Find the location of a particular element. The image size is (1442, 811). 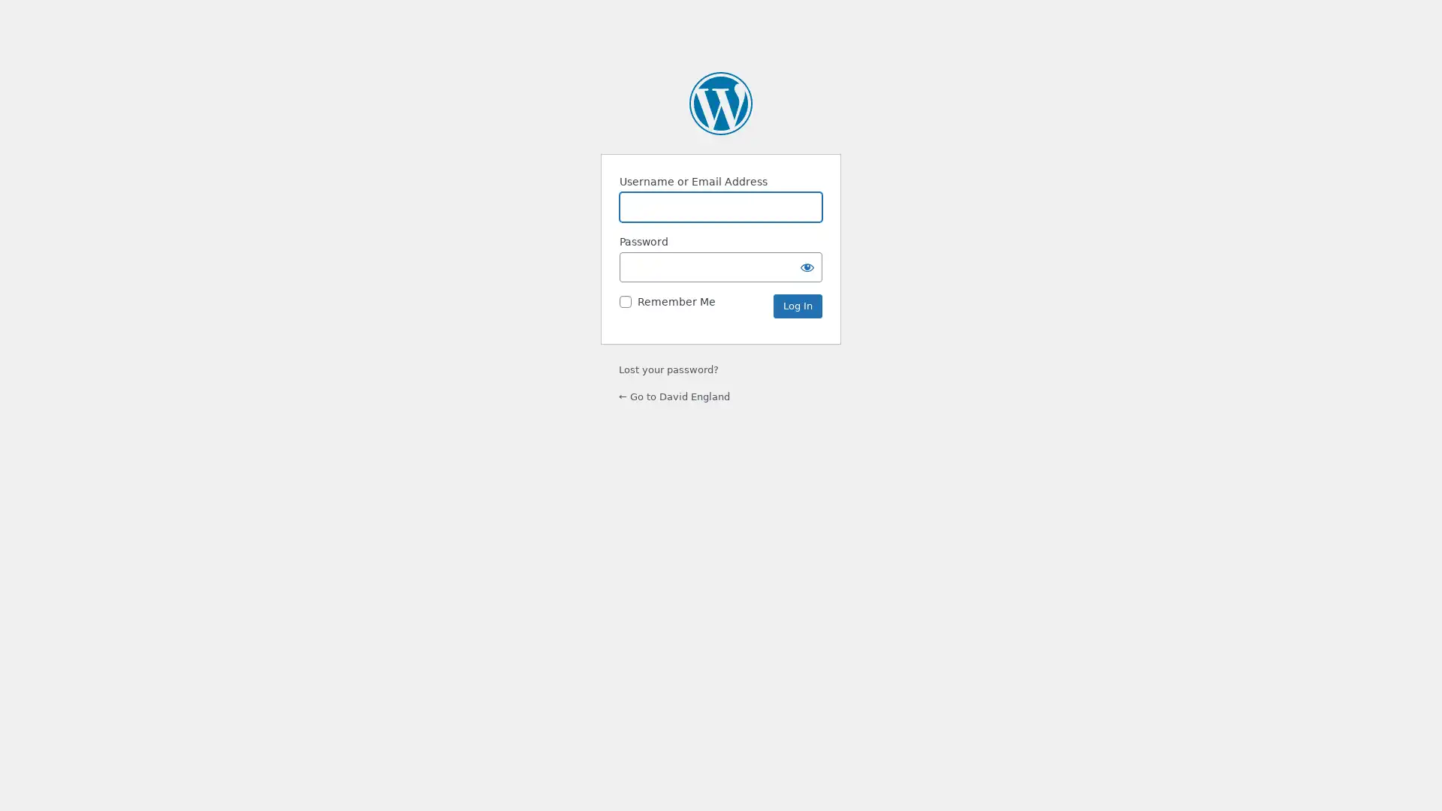

Show password is located at coordinates (807, 266).